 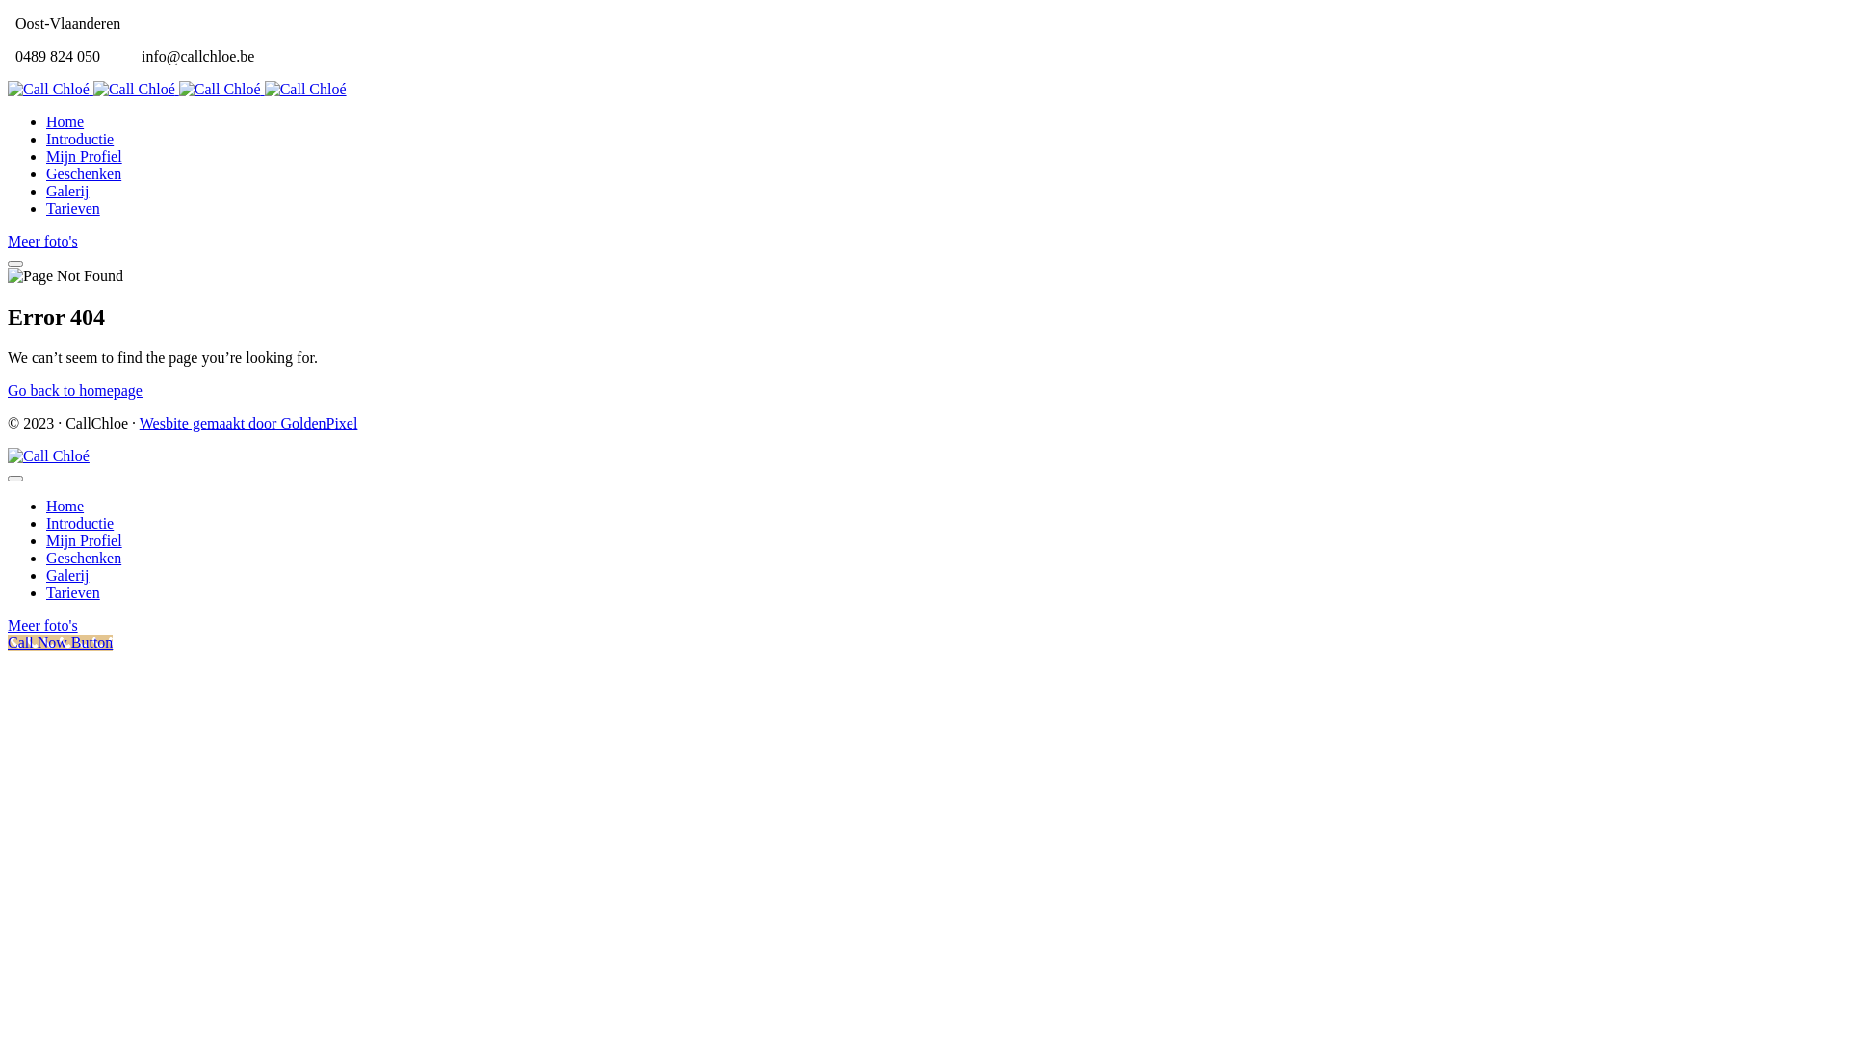 What do you see at coordinates (46, 540) in the screenshot?
I see `'Mijn Profiel'` at bounding box center [46, 540].